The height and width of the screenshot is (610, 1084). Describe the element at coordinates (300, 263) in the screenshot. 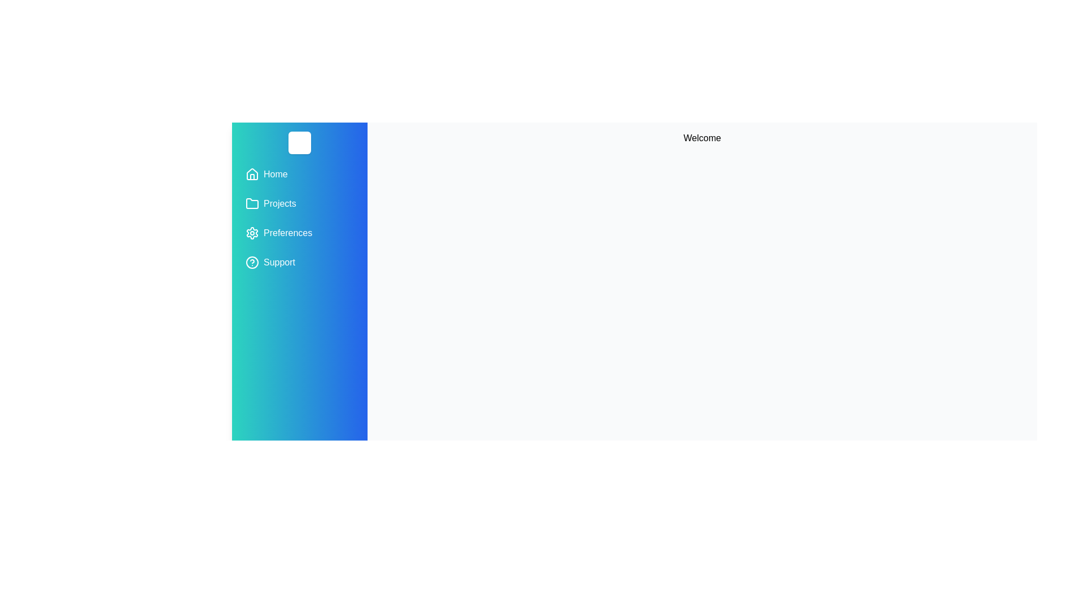

I see `the menu item Support from the drawer` at that location.